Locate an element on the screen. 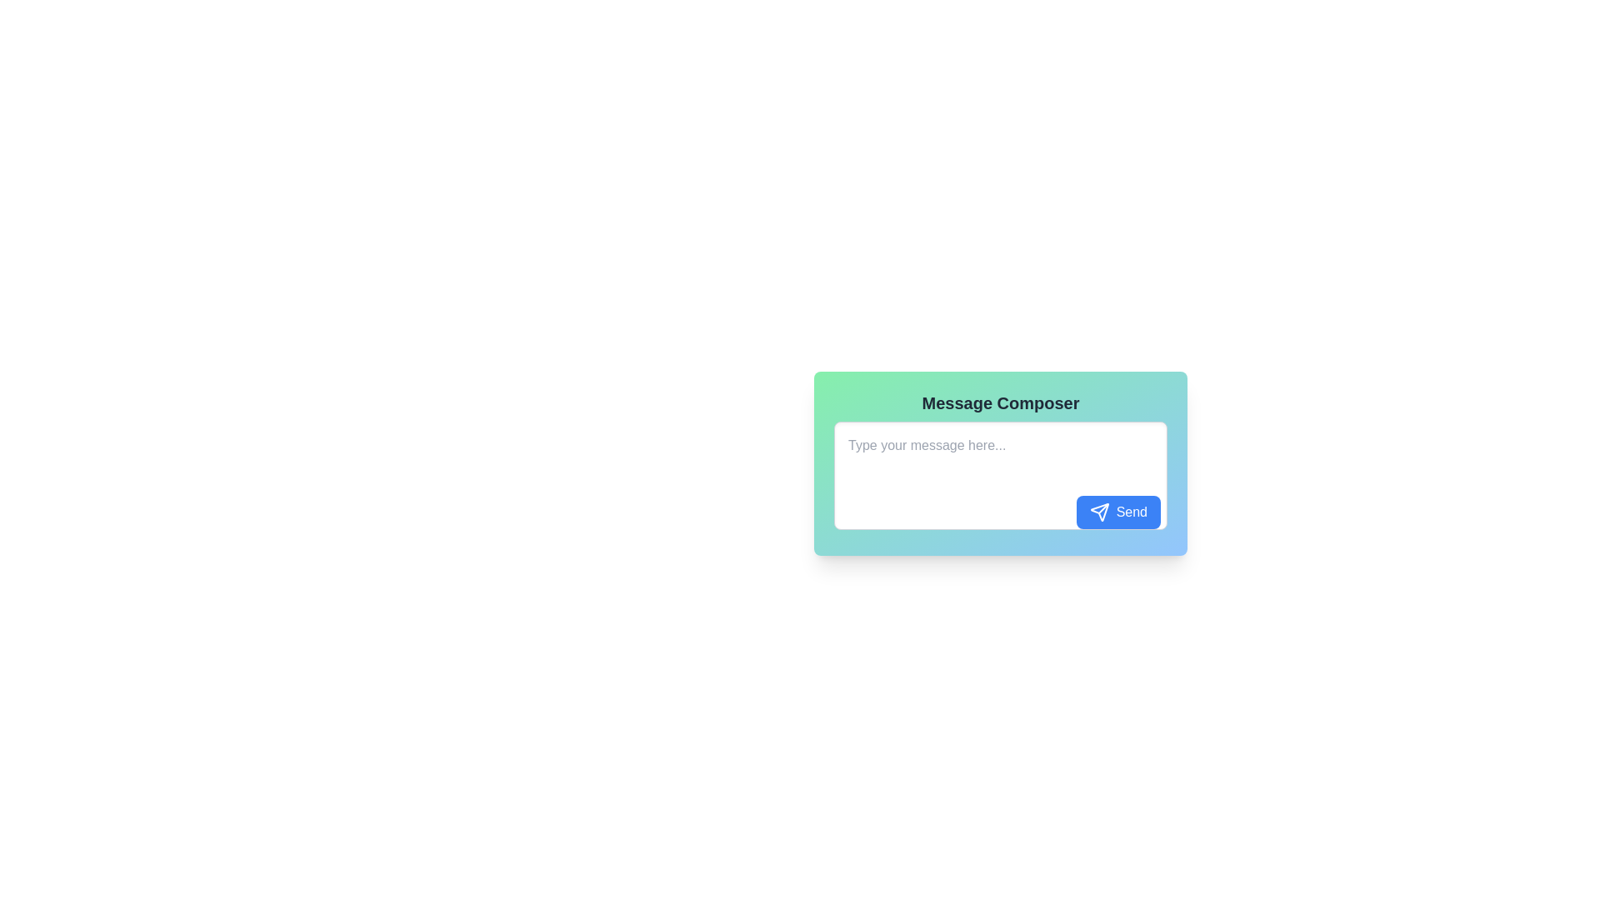 The height and width of the screenshot is (900, 1600). the 'Send' icon located at the bottom-right corner of the message composition box is located at coordinates (1099, 510).